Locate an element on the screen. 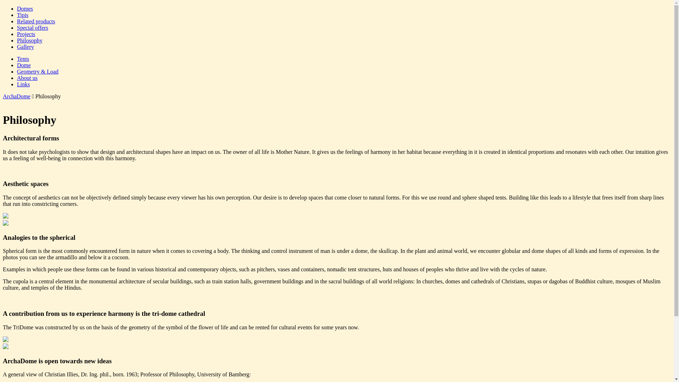 The width and height of the screenshot is (679, 382). 'Tents' is located at coordinates (23, 58).